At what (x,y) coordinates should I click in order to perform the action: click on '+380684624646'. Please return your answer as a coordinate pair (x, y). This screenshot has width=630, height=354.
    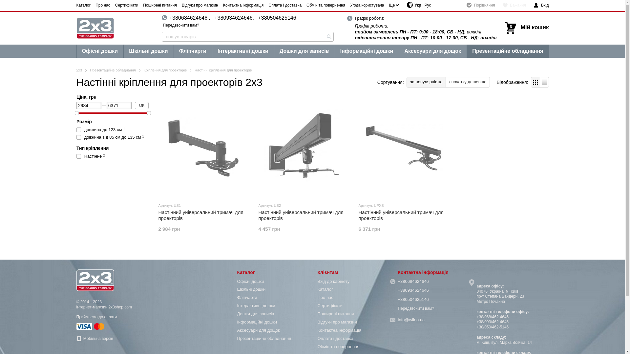
    Looking at the image, I should click on (412, 281).